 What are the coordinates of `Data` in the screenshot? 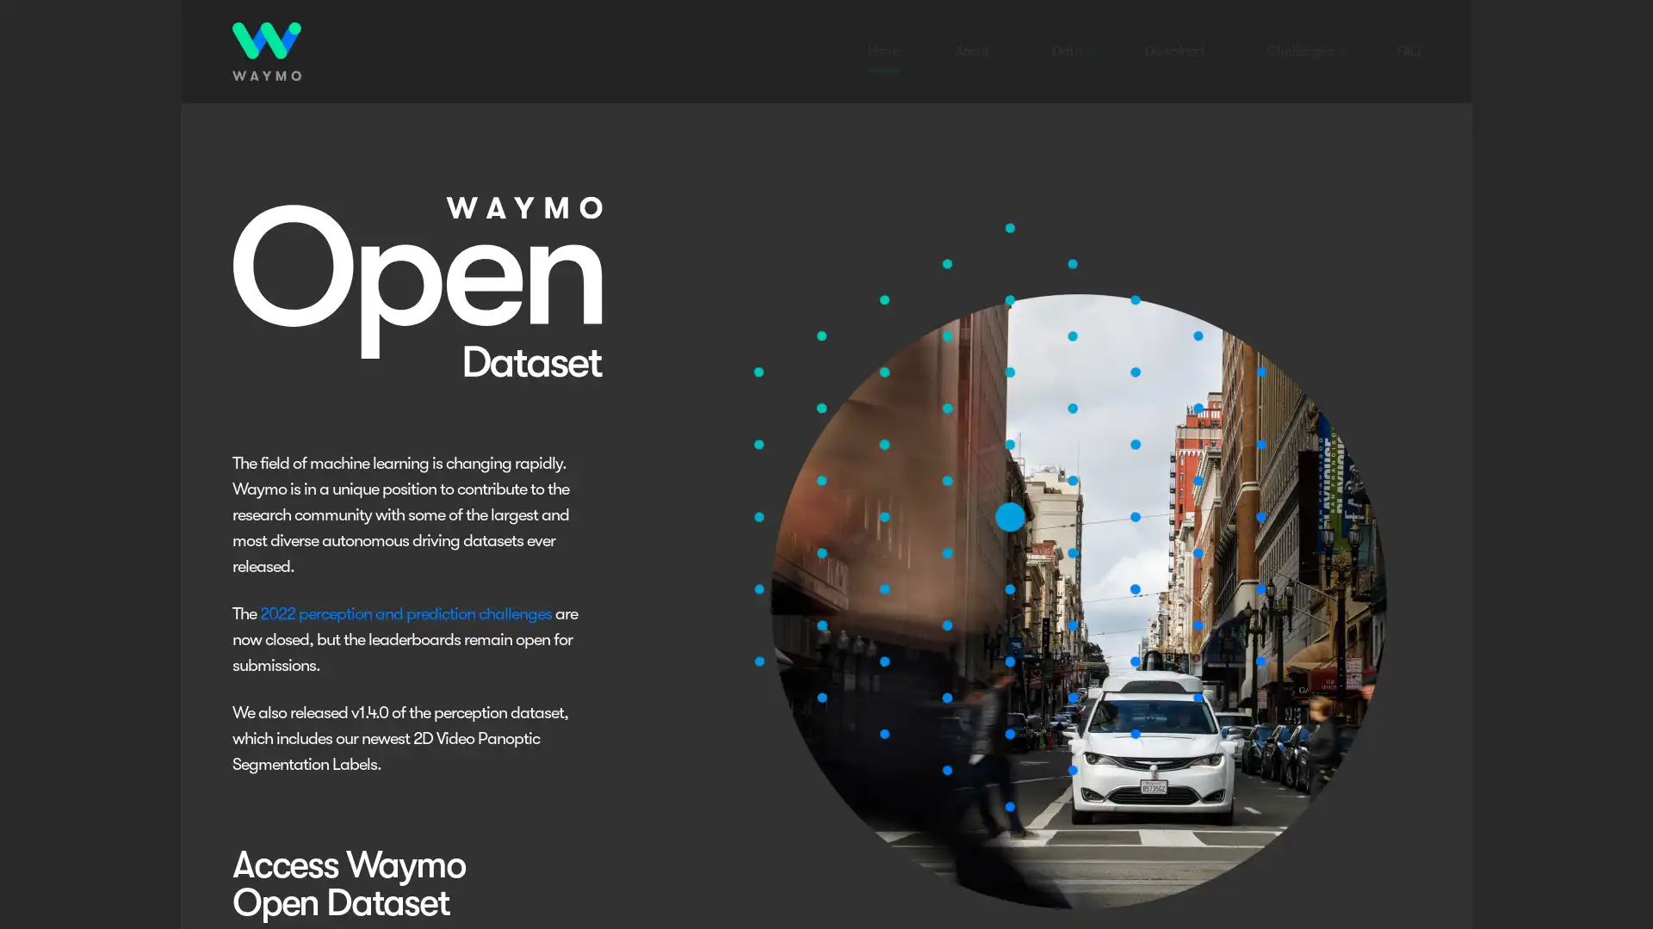 It's located at (1065, 51).